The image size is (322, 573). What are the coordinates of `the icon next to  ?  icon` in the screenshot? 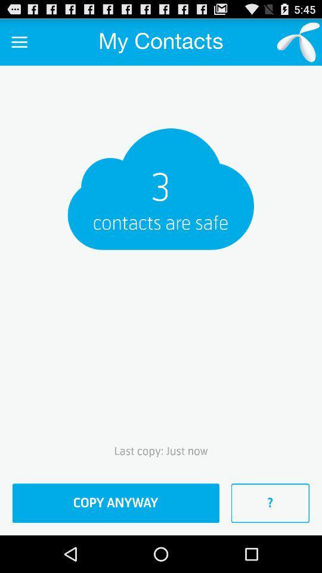 It's located at (116, 503).